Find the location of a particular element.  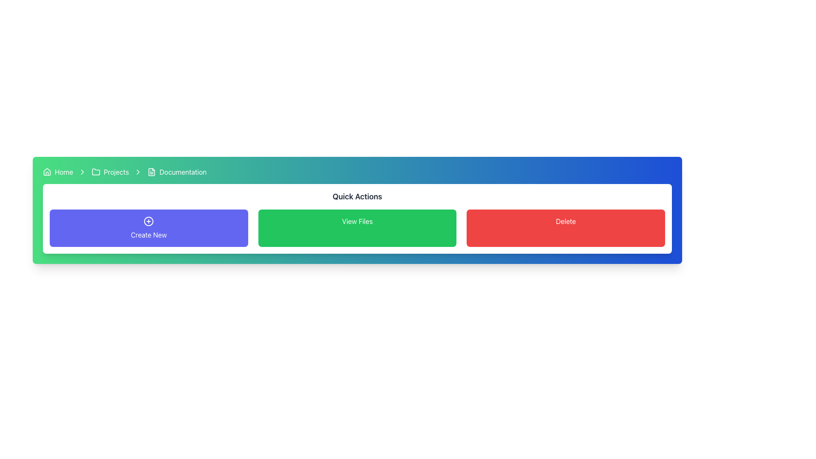

the right-facing arrow icon located in the breadcrumb navigation bar between the 'Home' and 'Projects' text items is located at coordinates (82, 172).